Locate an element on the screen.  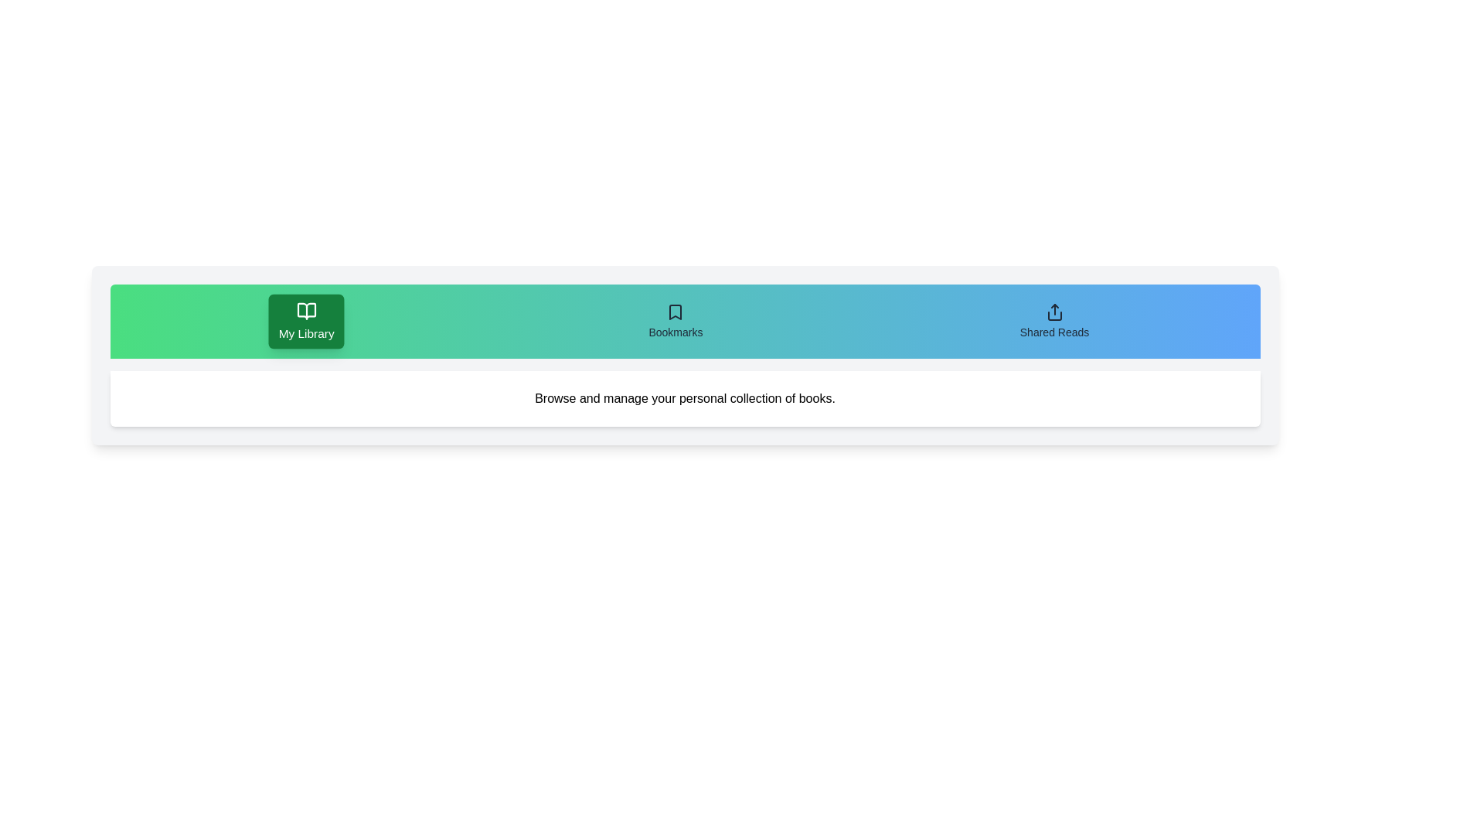
the tab labeled My Library to observe its hover effect is located at coordinates (305, 321).